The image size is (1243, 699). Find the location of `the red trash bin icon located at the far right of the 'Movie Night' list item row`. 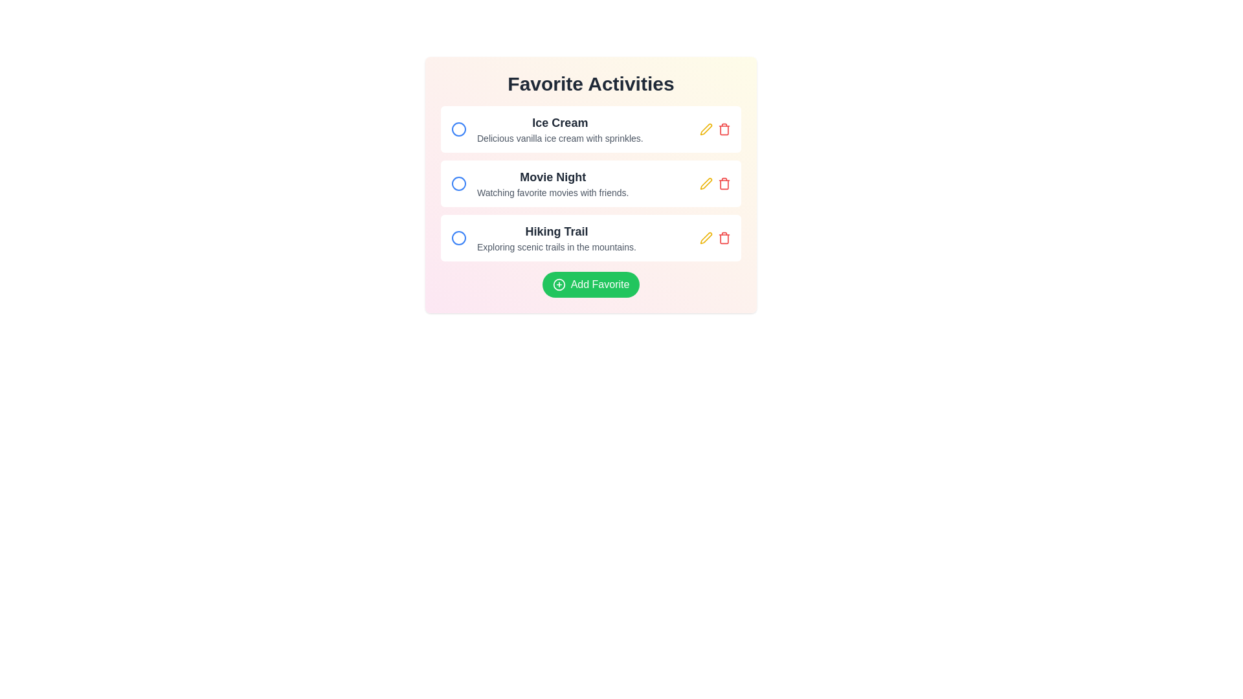

the red trash bin icon located at the far right of the 'Movie Night' list item row is located at coordinates (723, 184).